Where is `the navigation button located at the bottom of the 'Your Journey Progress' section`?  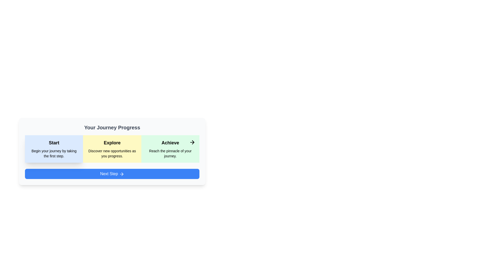
the navigation button located at the bottom of the 'Your Journey Progress' section is located at coordinates (112, 173).